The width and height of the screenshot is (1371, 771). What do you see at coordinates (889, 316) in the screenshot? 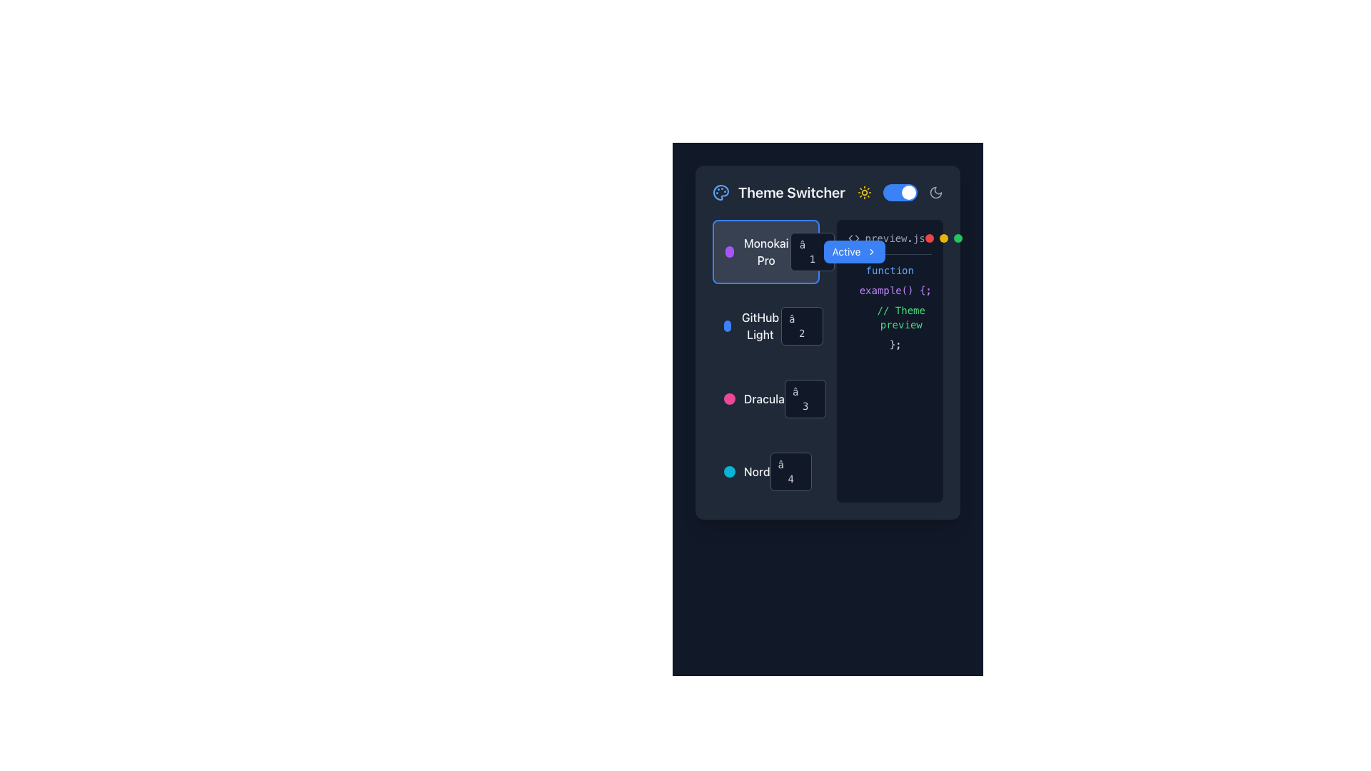
I see `the green code comment text within the 'preview.js' code block for copying` at bounding box center [889, 316].